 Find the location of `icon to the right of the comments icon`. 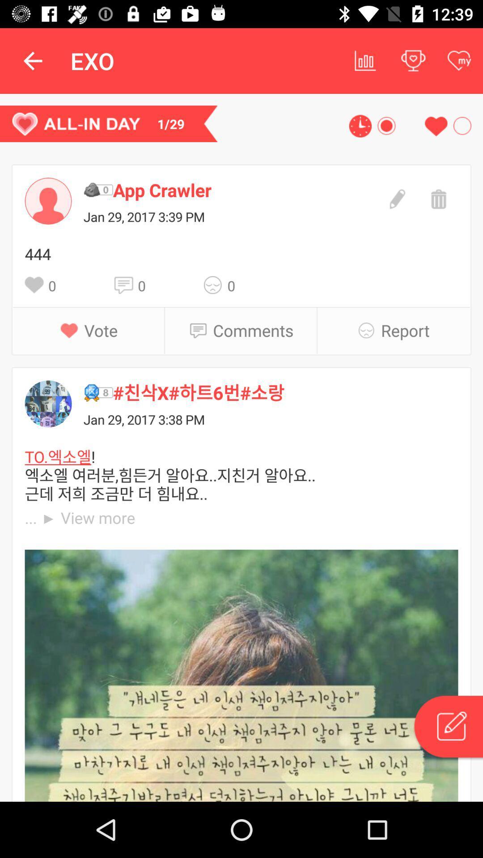

icon to the right of the comments icon is located at coordinates (369, 330).